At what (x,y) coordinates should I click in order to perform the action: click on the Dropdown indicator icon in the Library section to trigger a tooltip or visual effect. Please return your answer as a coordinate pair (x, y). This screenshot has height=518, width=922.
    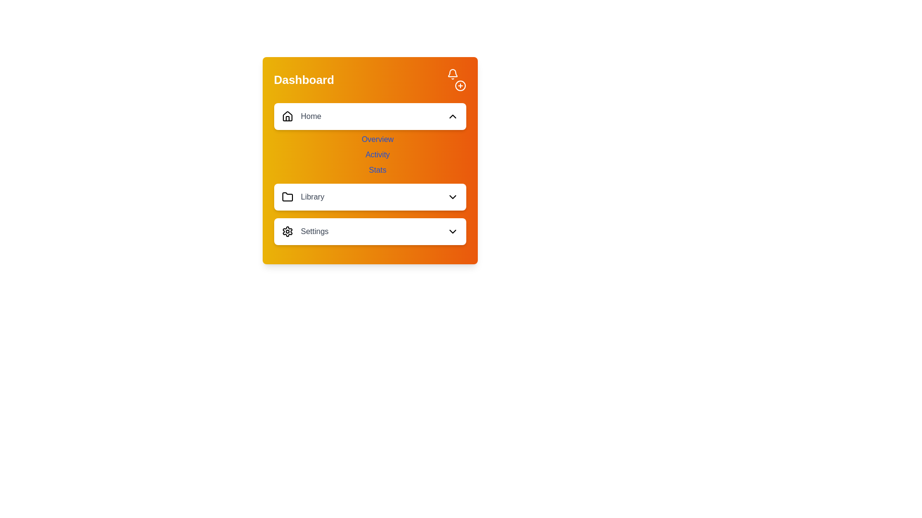
    Looking at the image, I should click on (452, 197).